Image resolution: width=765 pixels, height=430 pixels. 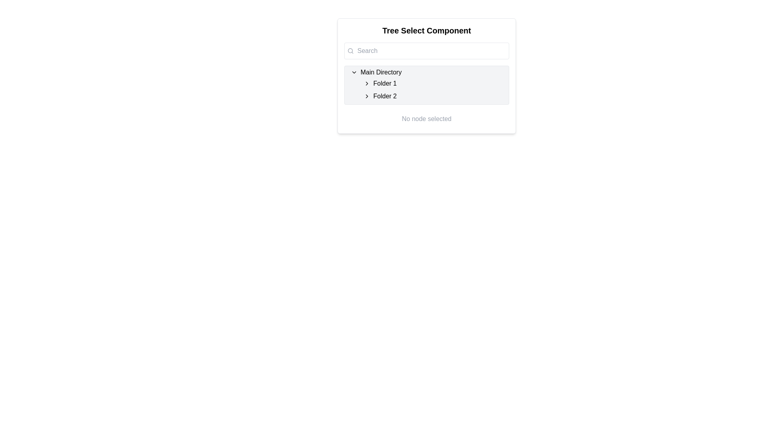 I want to click on the selectable list item labeled 'Folder 2', which is the second folder entry under 'Folder 1', so click(x=430, y=96).